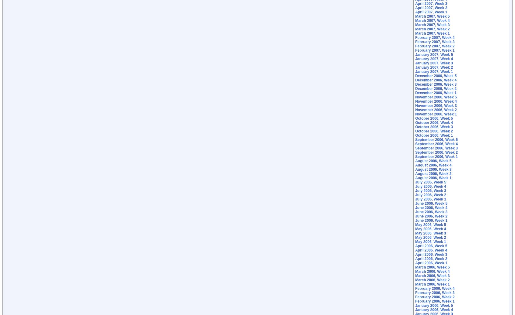 The height and width of the screenshot is (315, 515). I want to click on 'October 2006, Week 1', so click(434, 135).